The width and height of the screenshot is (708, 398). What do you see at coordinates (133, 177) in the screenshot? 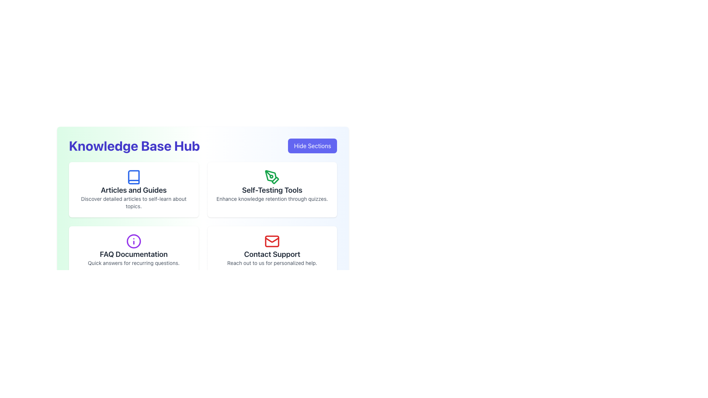
I see `the blue open book icon located within the 'Articles and Guides' card in the top-left corner of the user interface` at bounding box center [133, 177].